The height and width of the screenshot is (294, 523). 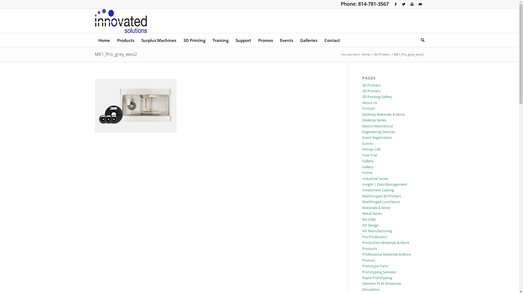 I want to click on 'Events', so click(x=367, y=143).